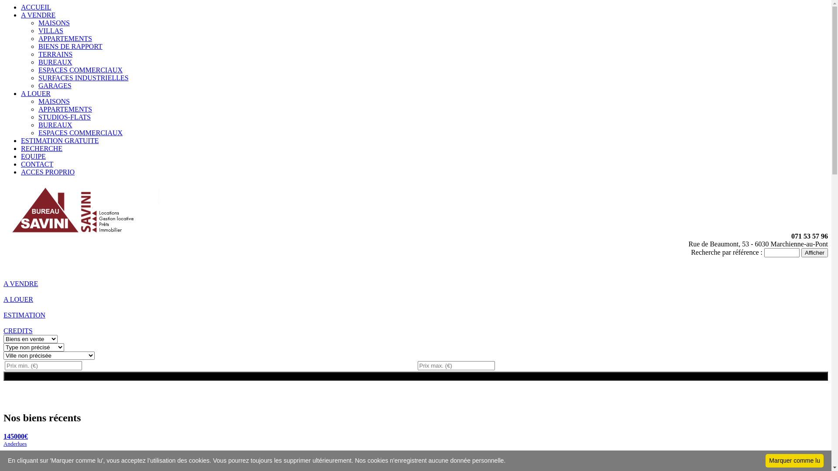  I want to click on 'GARAGES', so click(54, 85).